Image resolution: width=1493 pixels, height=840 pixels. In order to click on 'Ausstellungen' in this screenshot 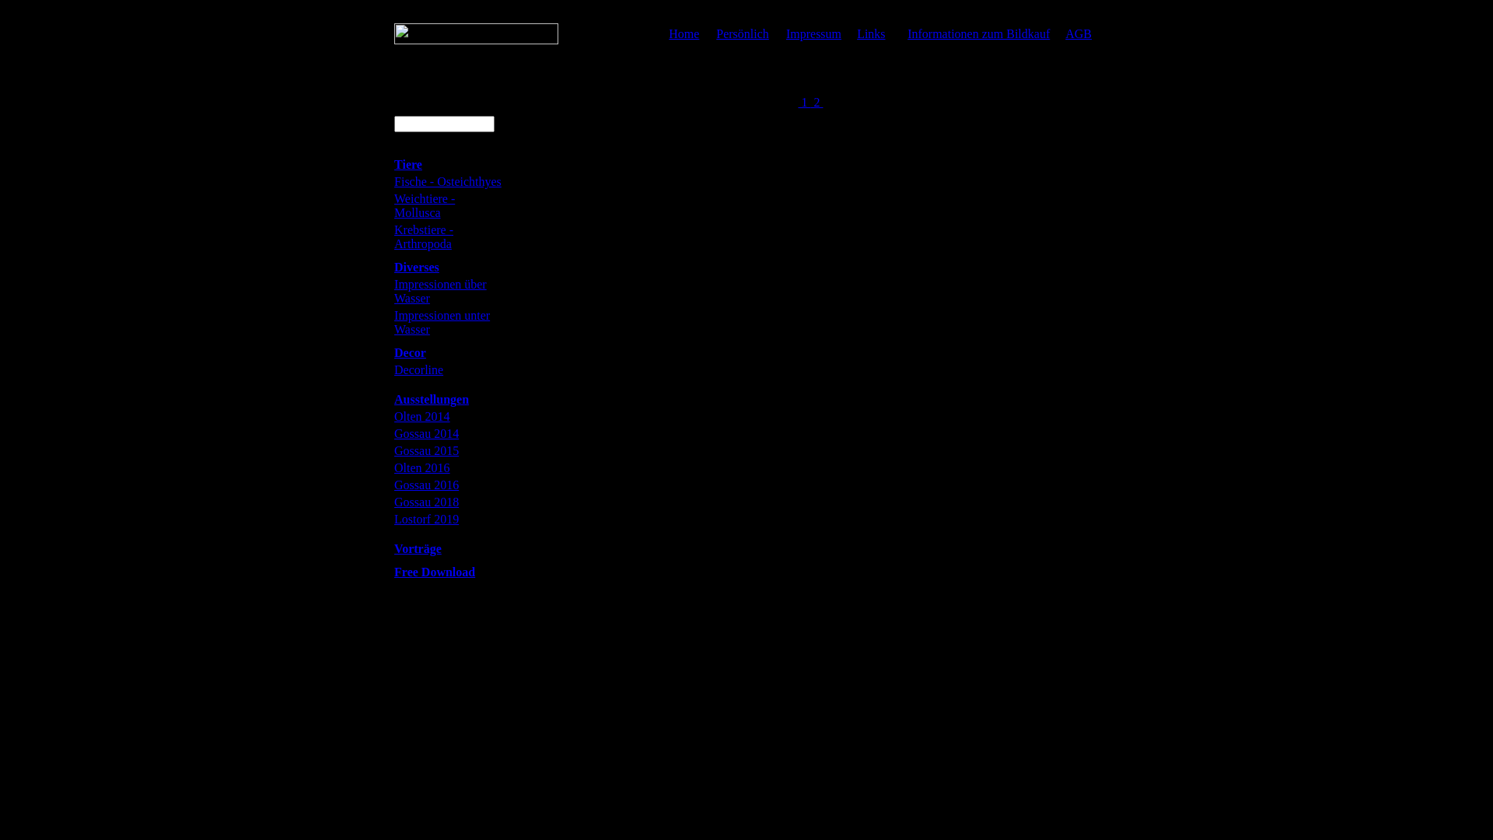, I will do `click(394, 398)`.